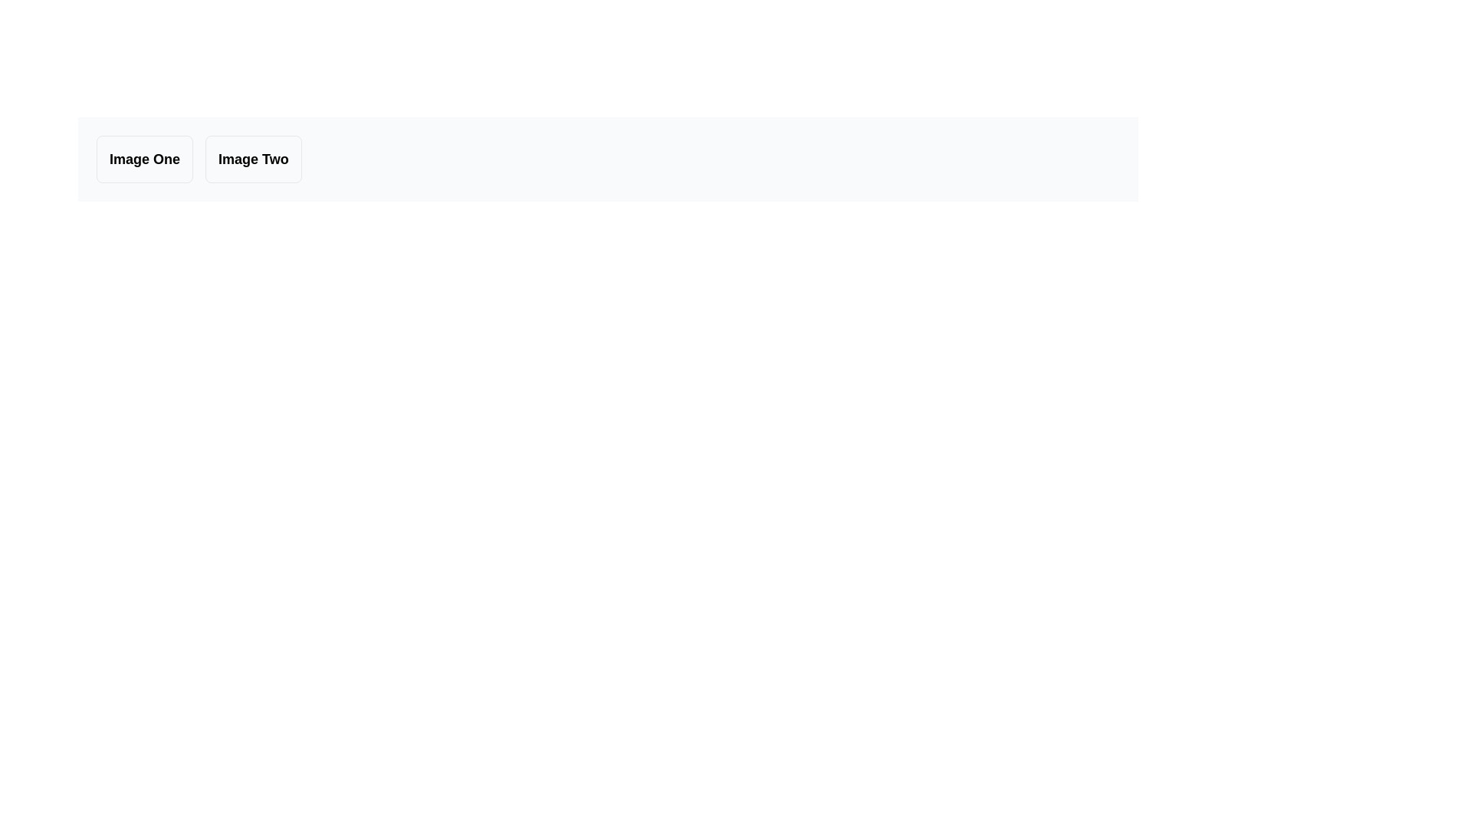 The width and height of the screenshot is (1472, 828). Describe the element at coordinates (144, 159) in the screenshot. I see `the text label displaying 'Image One', which is positioned centrally within its card in a horizontal row with another card labeled 'Image Two'` at that location.